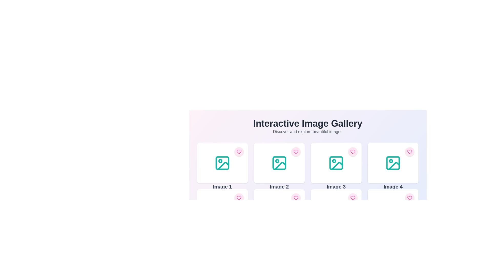 The height and width of the screenshot is (277, 492). I want to click on the interactive marker icon located at the top-right corner of the fourth card in the grid layout under the heading 'Interactive Image Gallery', so click(296, 151).